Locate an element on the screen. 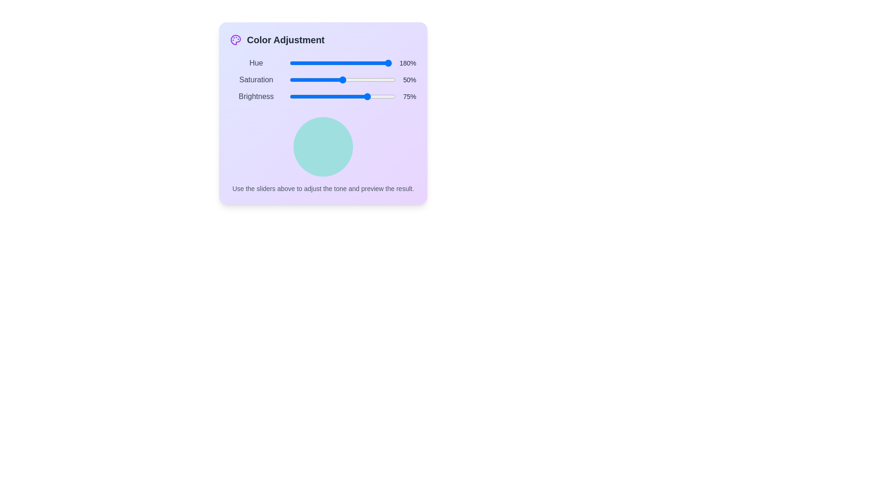 This screenshot has width=893, height=502. the 0 slider to 2% to observe the resulting color in the preview circle is located at coordinates (291, 63).